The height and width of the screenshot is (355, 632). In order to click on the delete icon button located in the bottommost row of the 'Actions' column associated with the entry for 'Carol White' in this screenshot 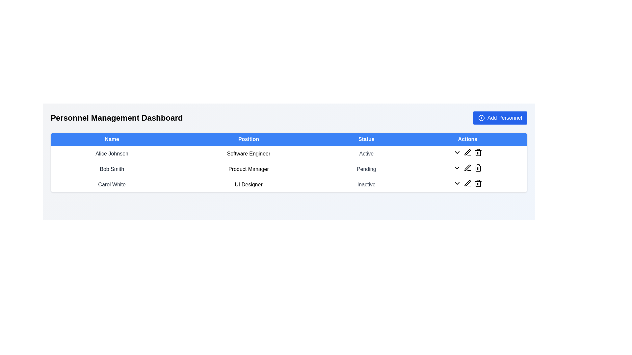, I will do `click(478, 183)`.